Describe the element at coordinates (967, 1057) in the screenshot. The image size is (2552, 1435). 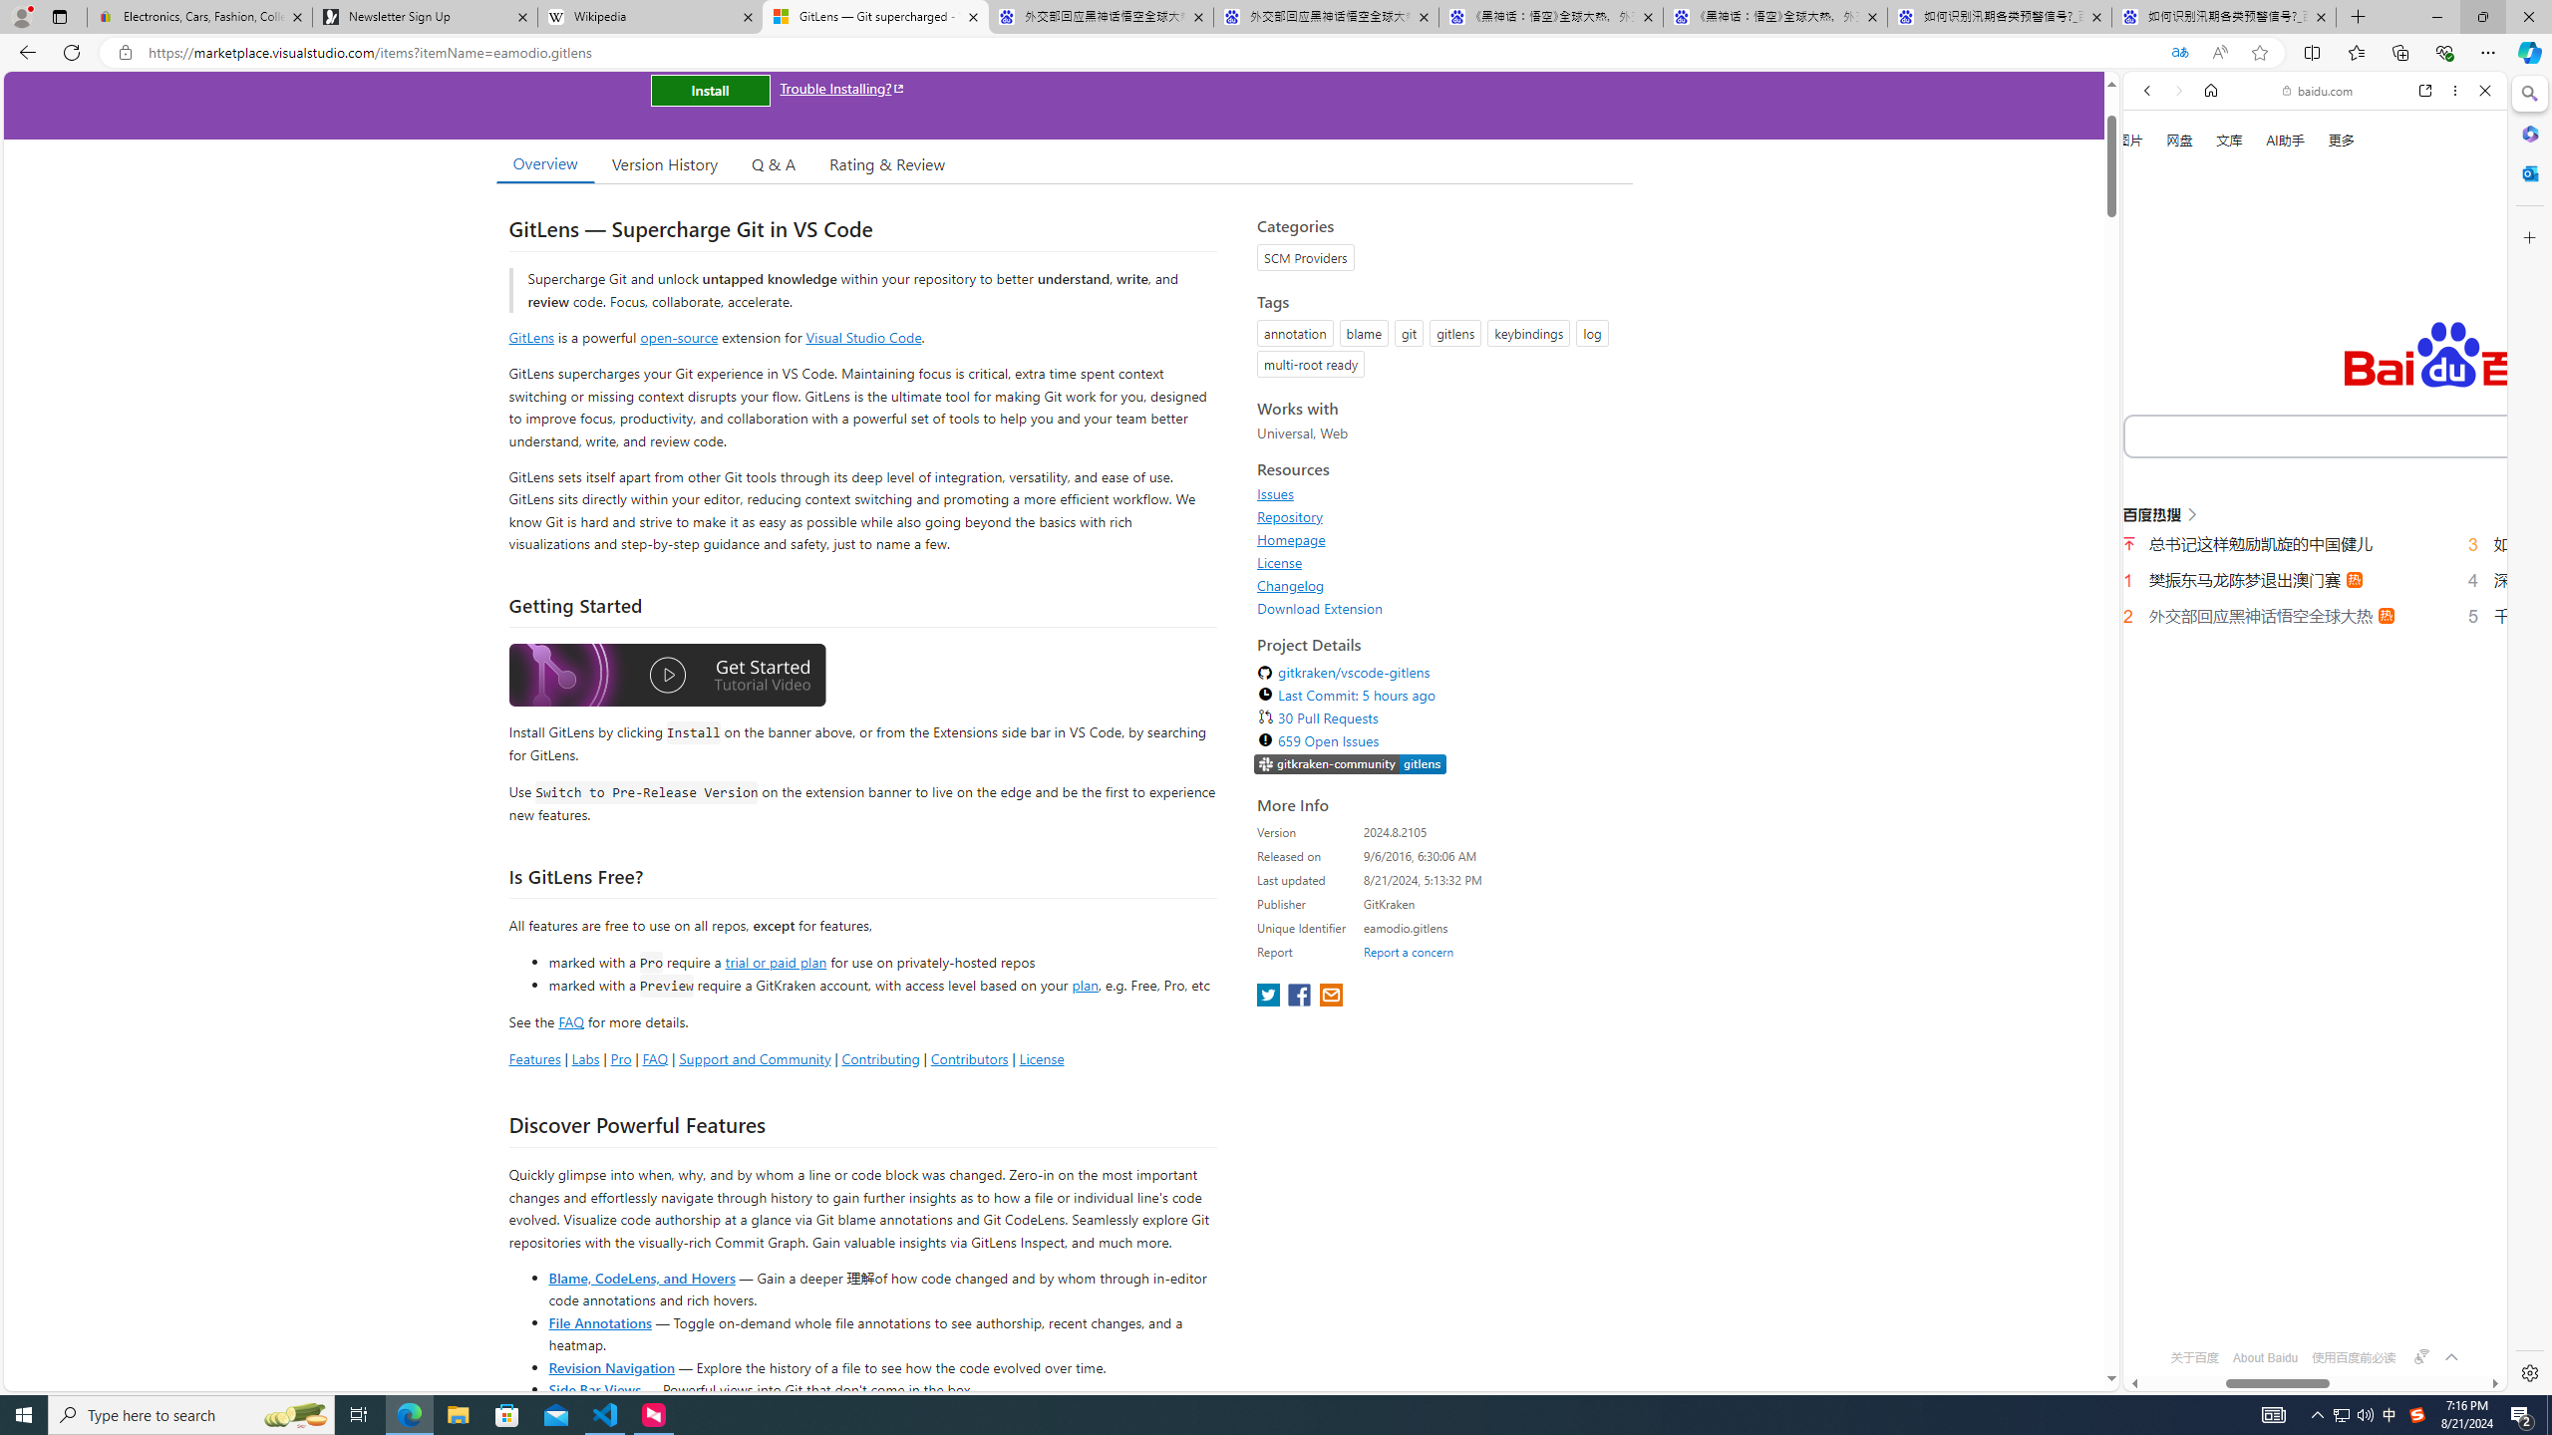
I see `'Contributors'` at that location.